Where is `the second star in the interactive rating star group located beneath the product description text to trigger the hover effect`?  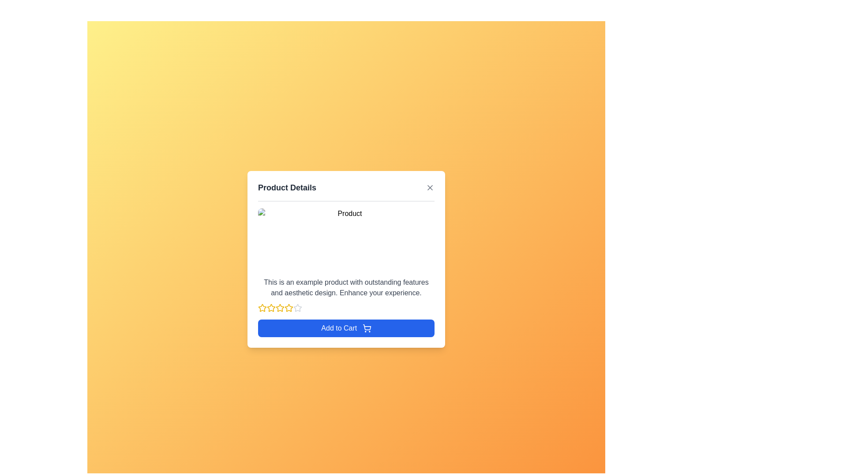
the second star in the interactive rating star group located beneath the product description text to trigger the hover effect is located at coordinates (270, 307).